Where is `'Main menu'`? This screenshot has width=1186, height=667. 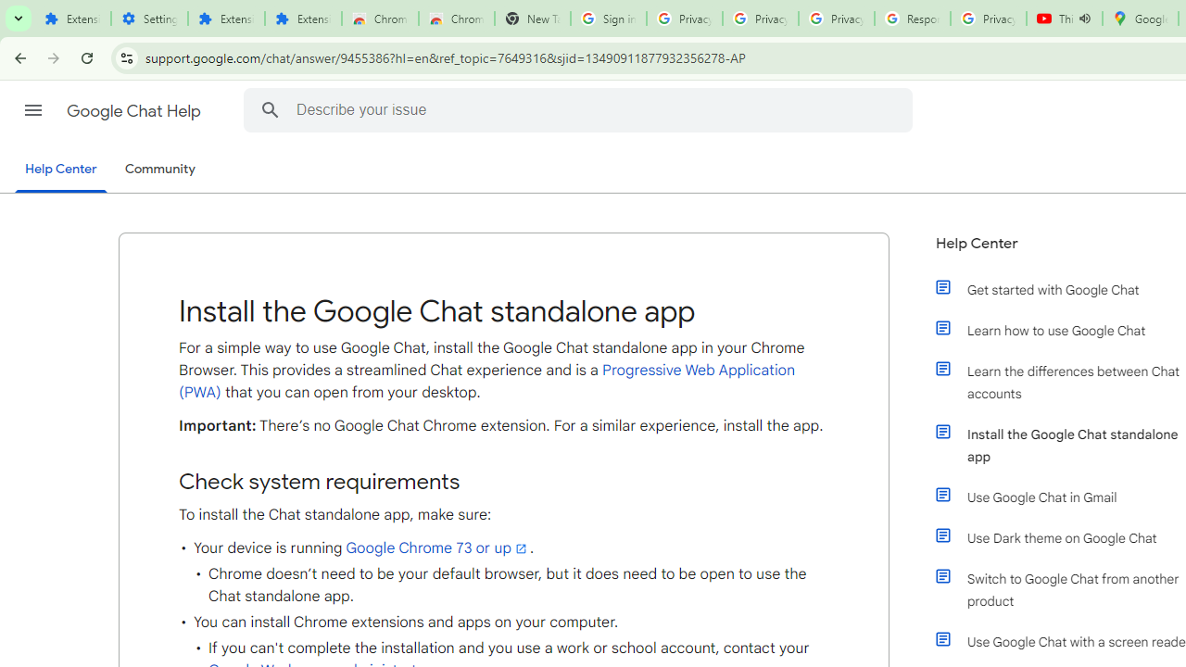
'Main menu' is located at coordinates (32, 110).